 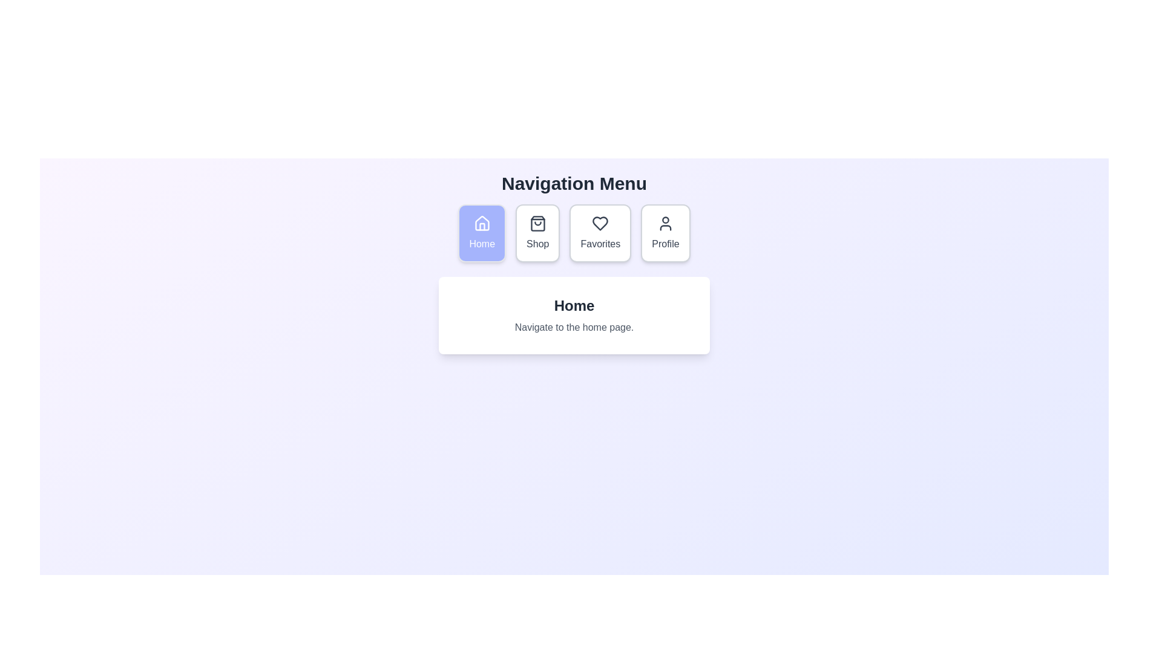 I want to click on the 'Shop' button in the navigation bar to observe any hover effects, so click(x=537, y=233).